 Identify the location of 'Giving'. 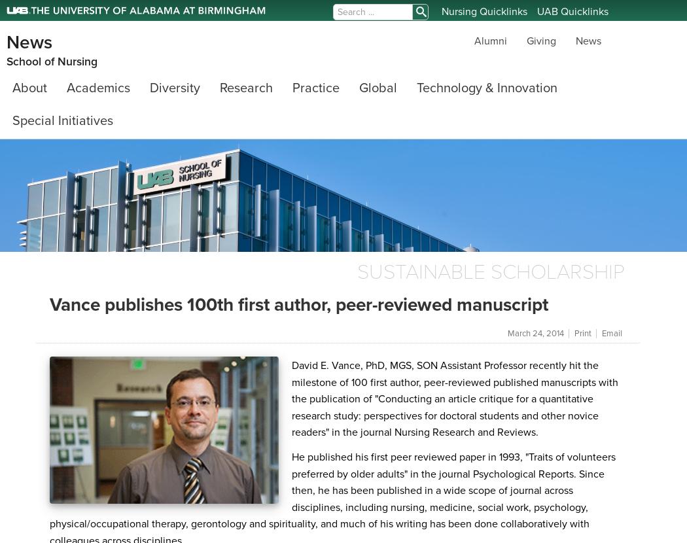
(526, 40).